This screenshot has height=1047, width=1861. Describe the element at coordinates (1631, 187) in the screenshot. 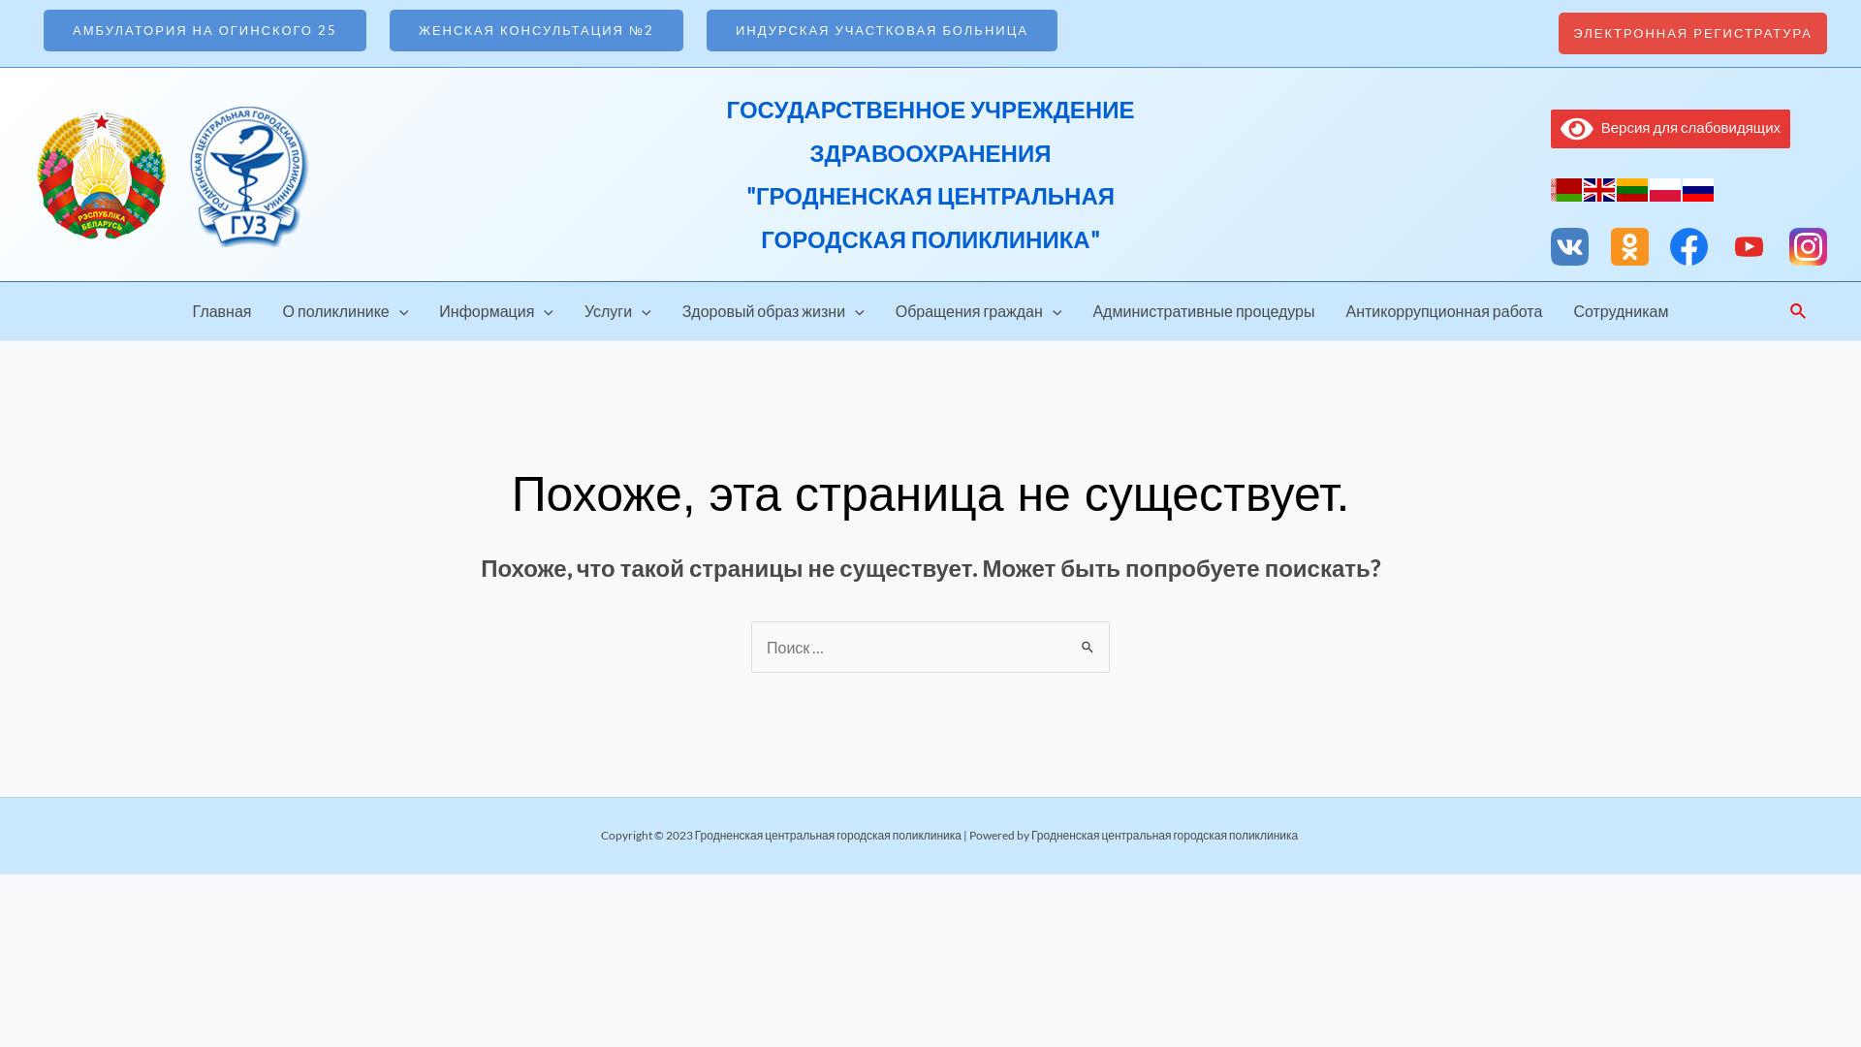

I see `'Lithuanian'` at that location.